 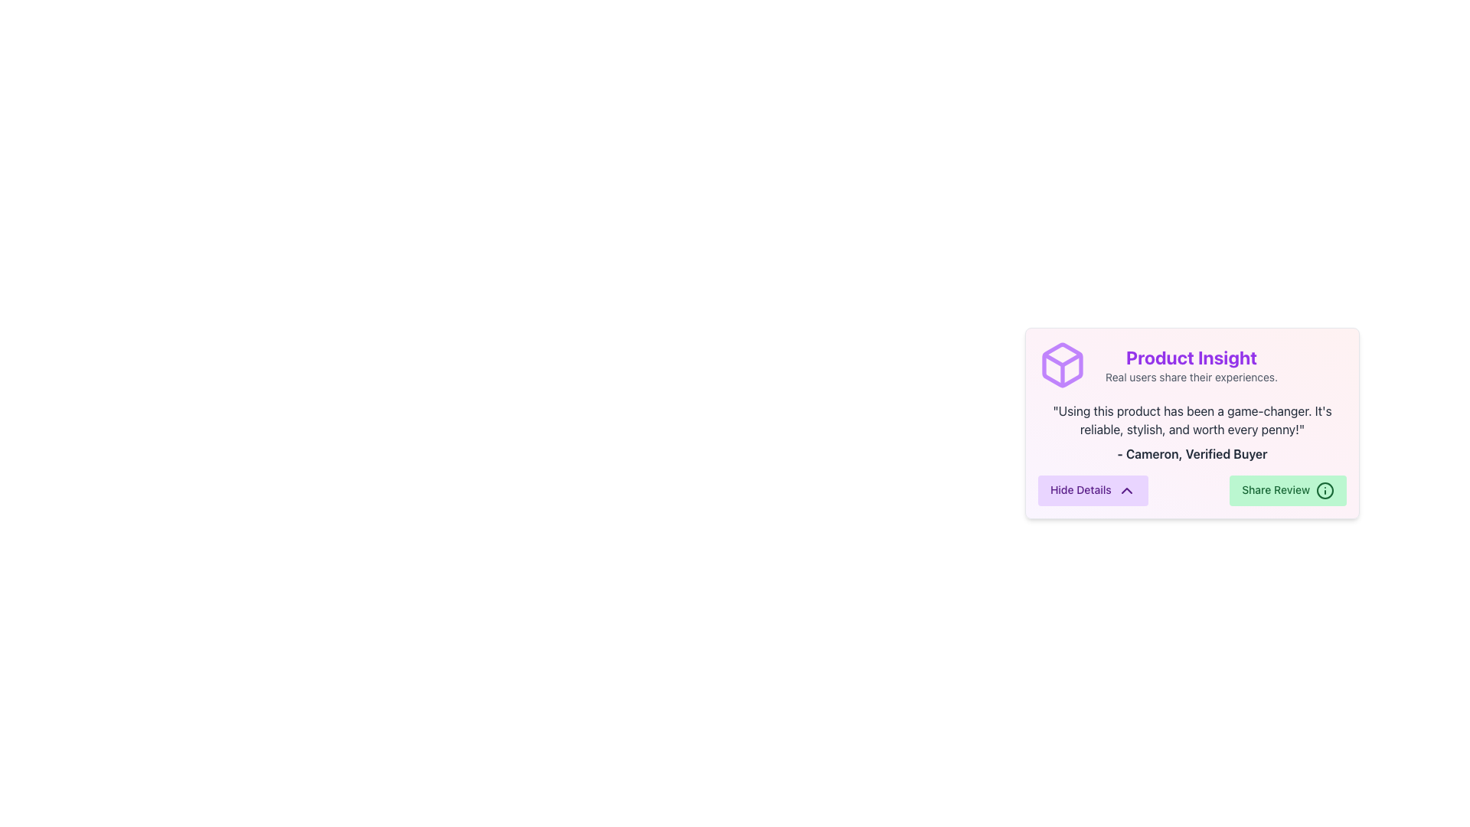 I want to click on the chevron-up icon located to the right of the 'Hide Details' button, which is associated with collapsing or hiding details, so click(x=1126, y=490).